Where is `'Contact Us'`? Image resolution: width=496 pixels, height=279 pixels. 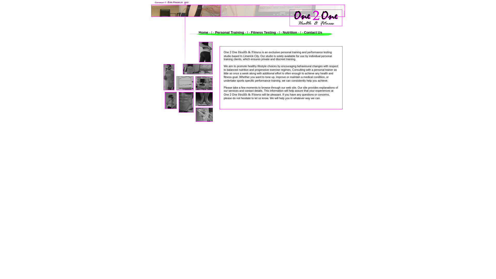 'Contact Us' is located at coordinates (312, 32).